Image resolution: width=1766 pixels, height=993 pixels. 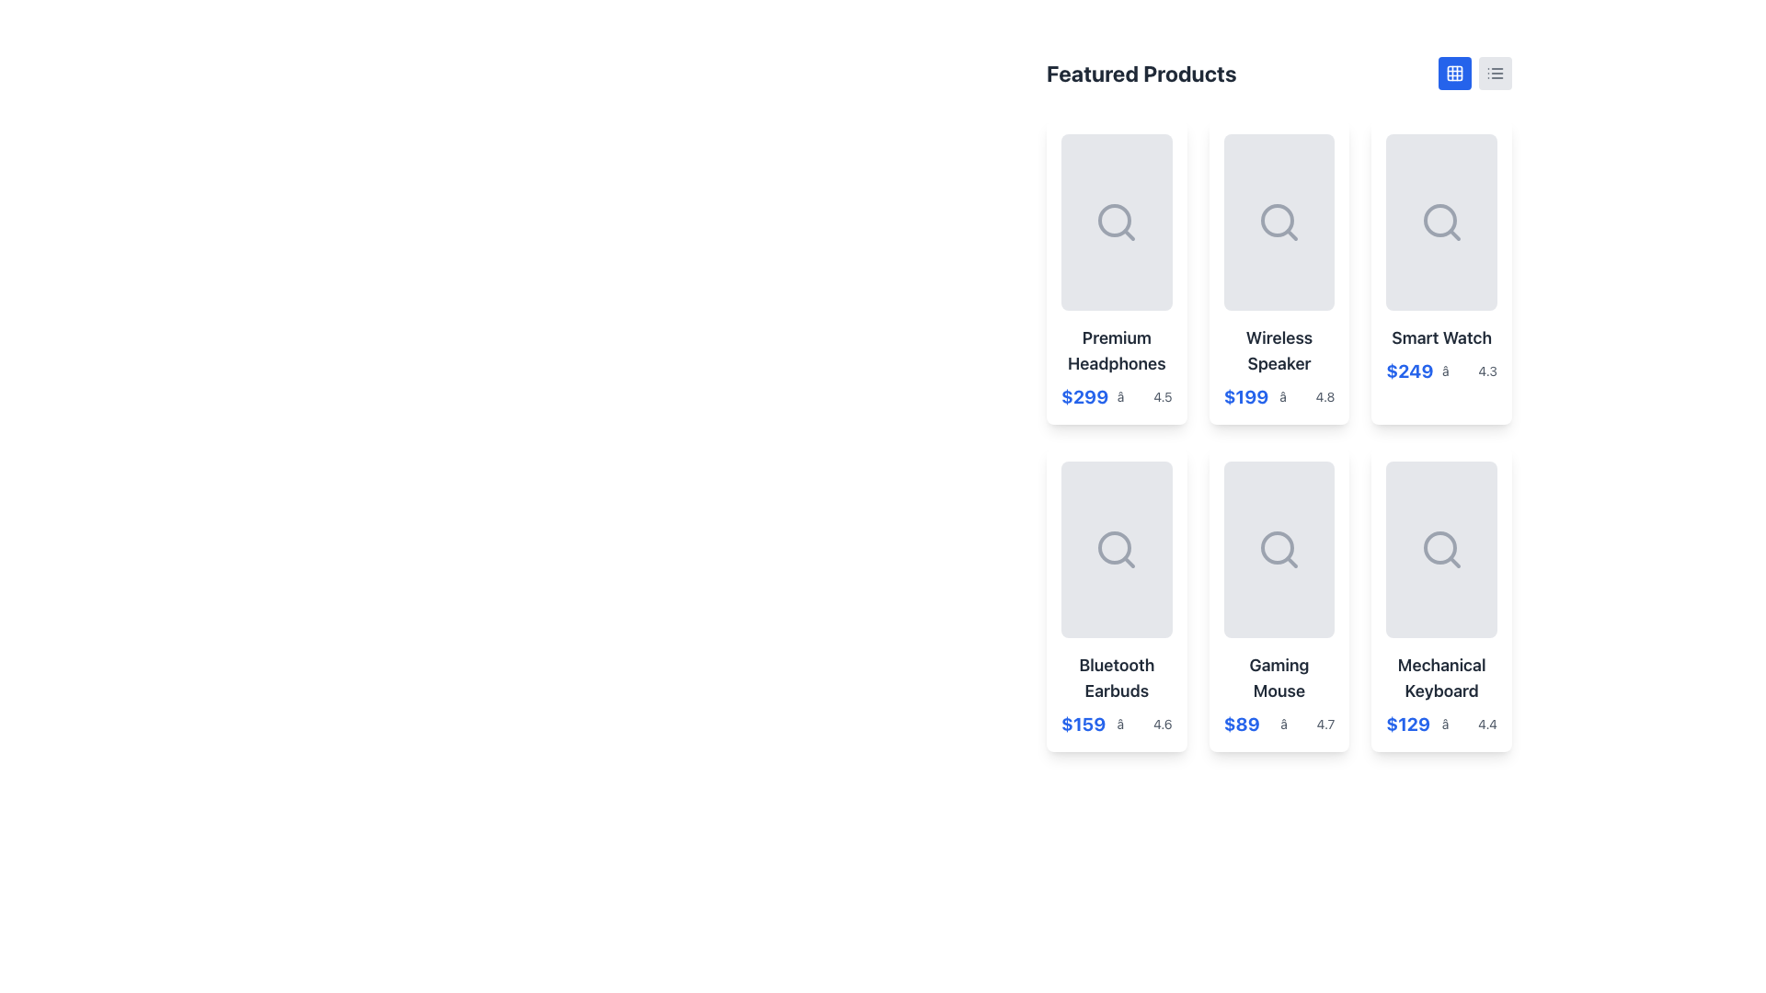 I want to click on text displaying the price and user rating of the 'Premium Headphones' product, located below the product name in the top-left corner of the featured products grid, so click(x=1116, y=396).